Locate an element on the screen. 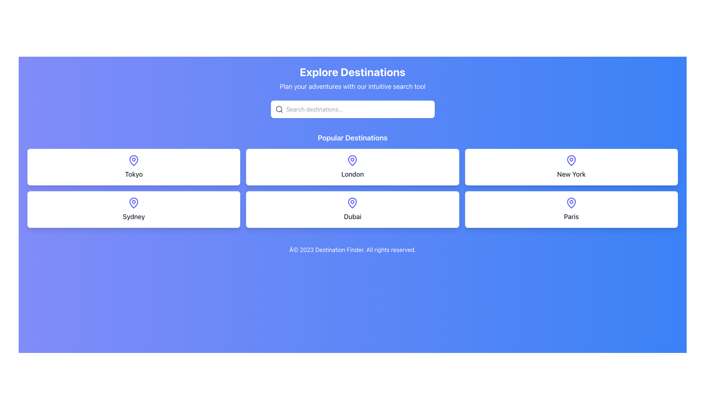 The image size is (702, 395). the text label displaying 'Sydney' located at the bottom-center of its white rectangular card, which is part of the popular destinations section is located at coordinates (134, 217).